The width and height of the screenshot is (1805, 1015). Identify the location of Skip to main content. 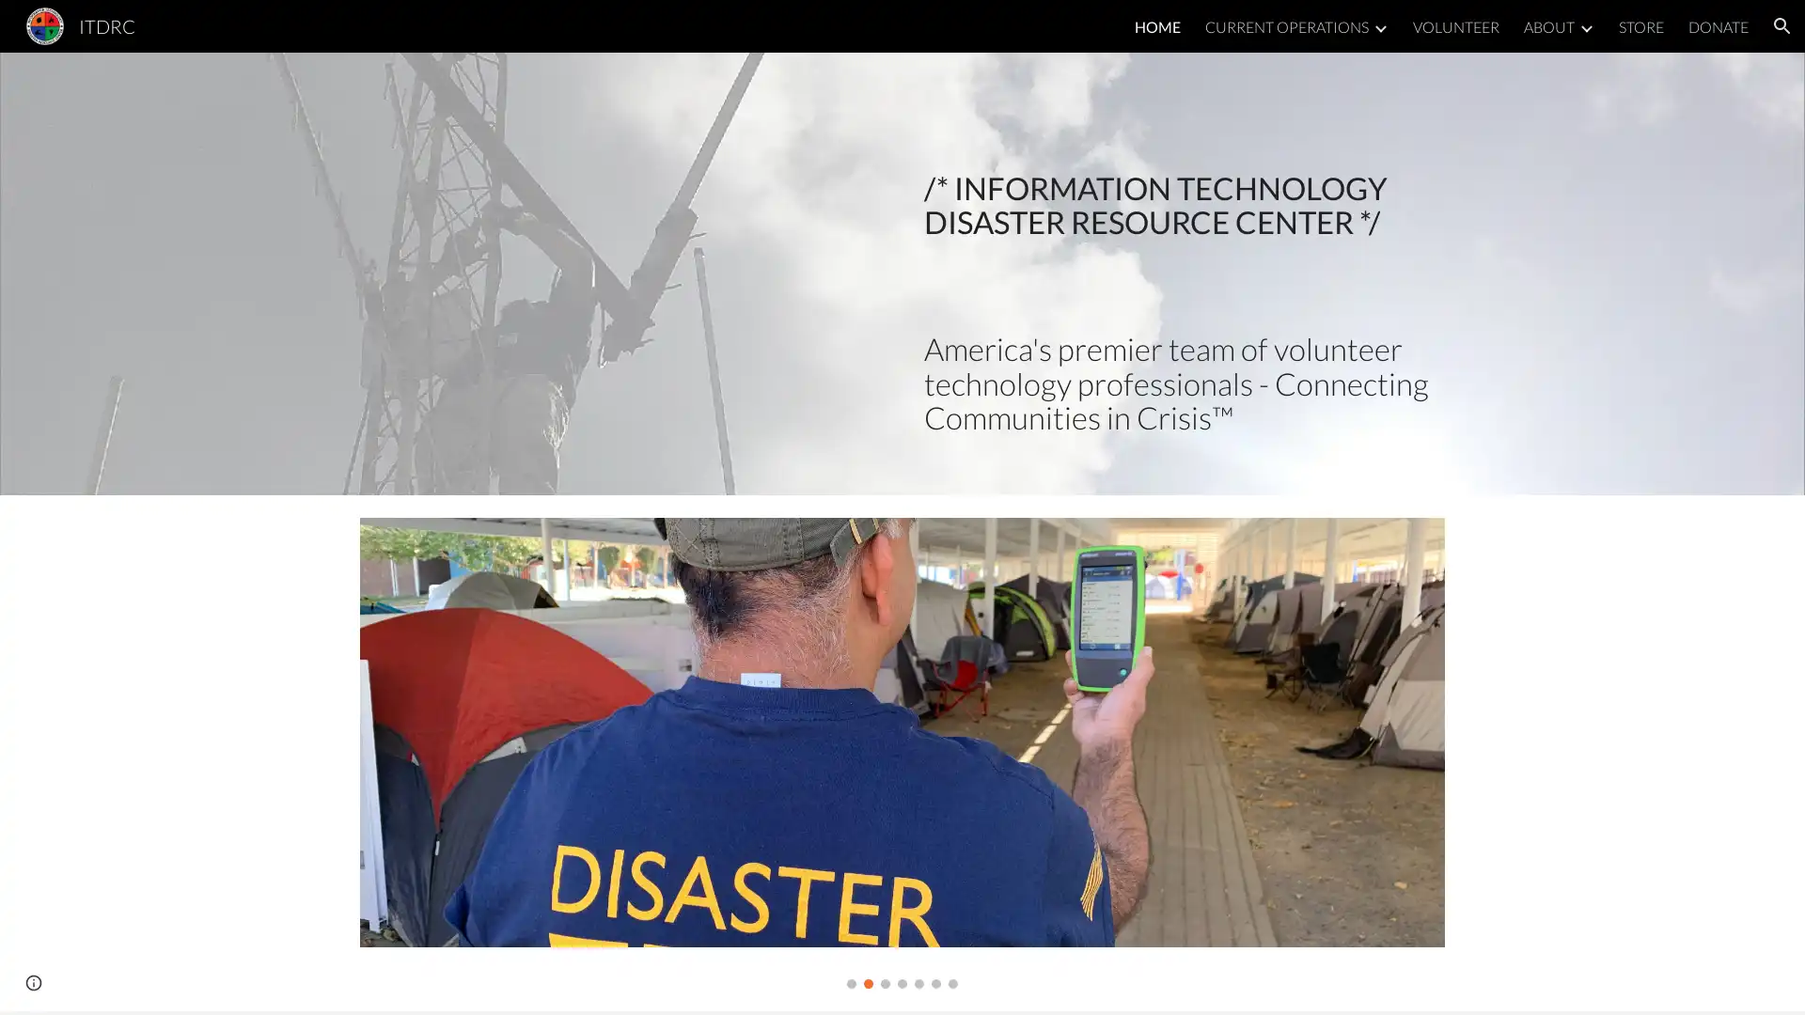
(740, 35).